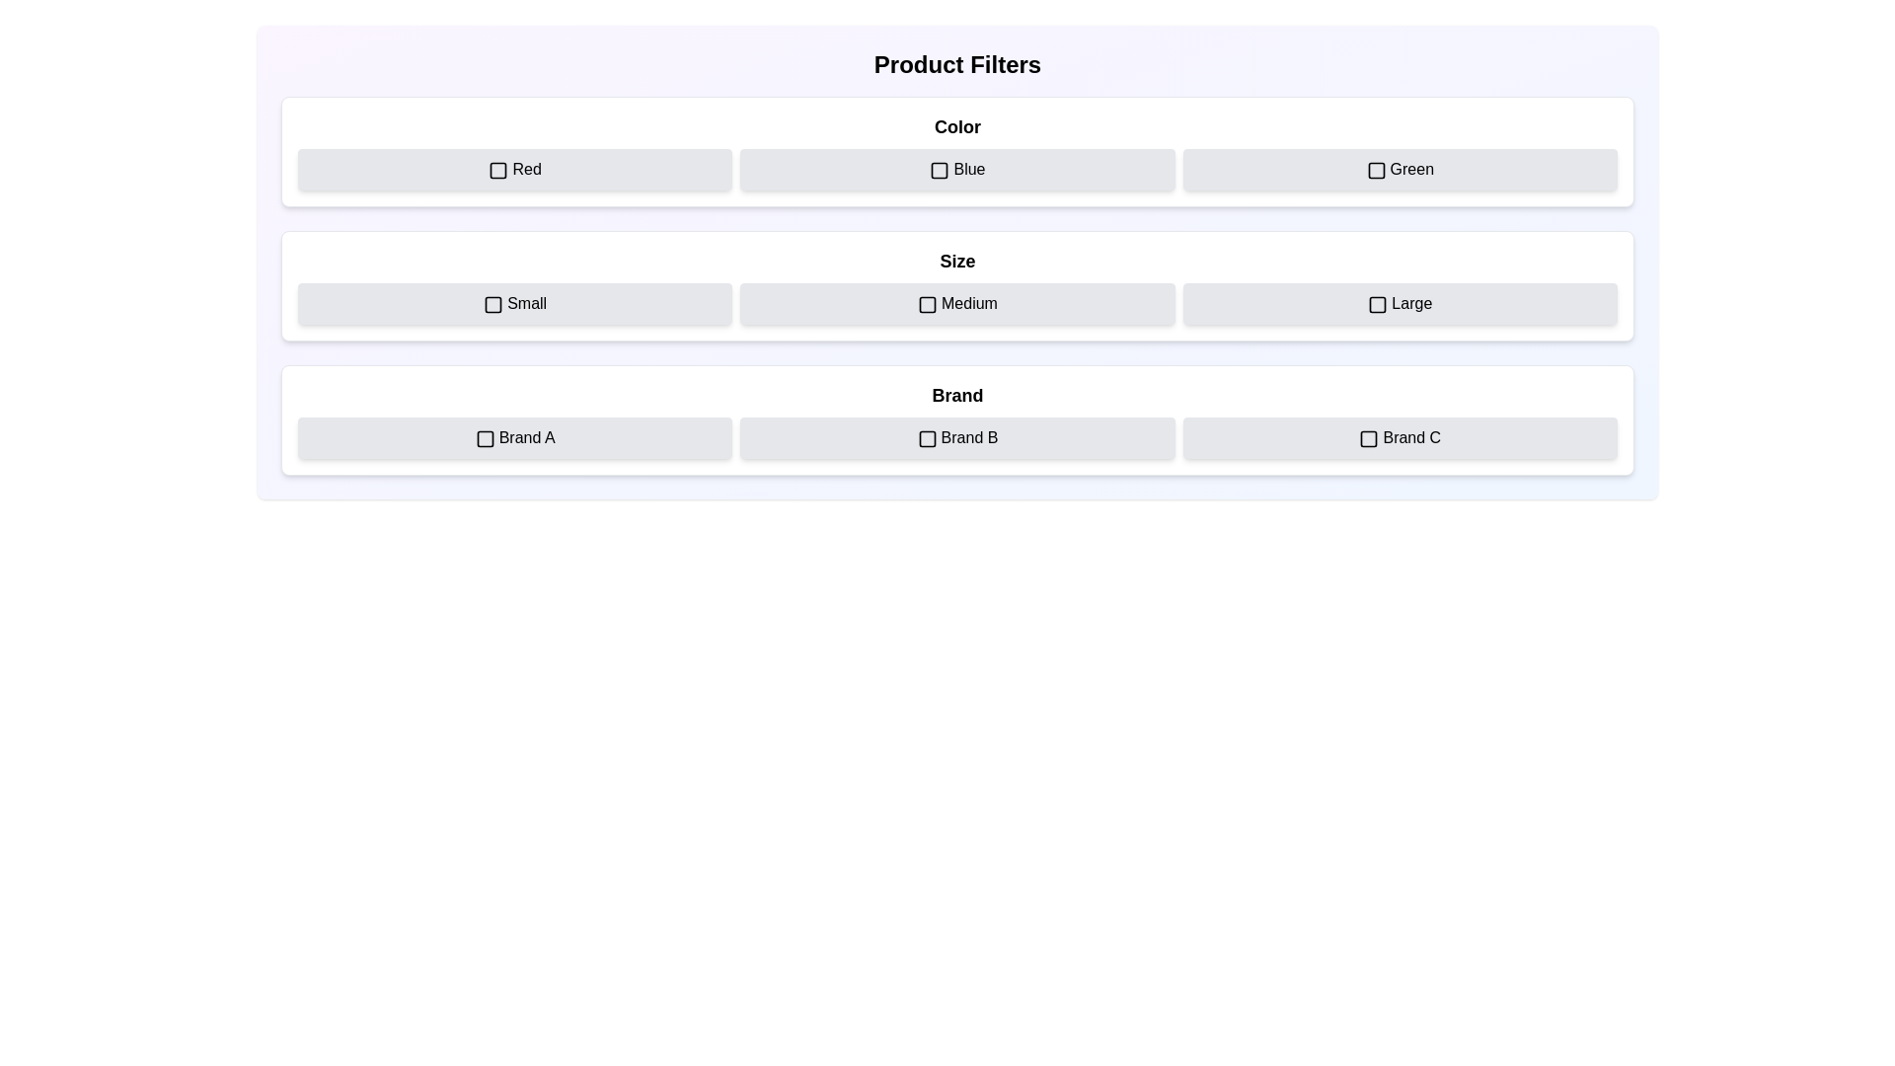 The height and width of the screenshot is (1066, 1895). I want to click on the checkbox, so click(957, 169).